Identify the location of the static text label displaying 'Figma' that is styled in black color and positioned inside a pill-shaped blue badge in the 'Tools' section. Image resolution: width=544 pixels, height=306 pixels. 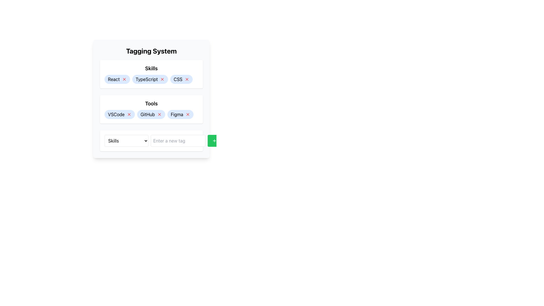
(177, 114).